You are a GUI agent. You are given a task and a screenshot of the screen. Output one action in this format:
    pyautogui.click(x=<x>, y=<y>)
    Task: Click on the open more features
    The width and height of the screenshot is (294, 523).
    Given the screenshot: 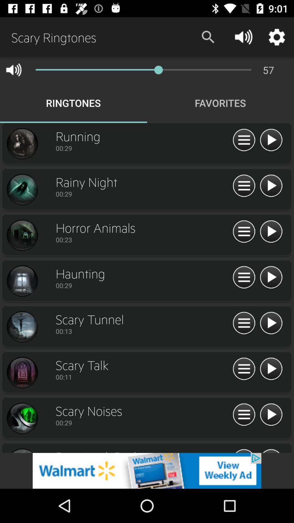 What is the action you would take?
    pyautogui.click(x=244, y=140)
    